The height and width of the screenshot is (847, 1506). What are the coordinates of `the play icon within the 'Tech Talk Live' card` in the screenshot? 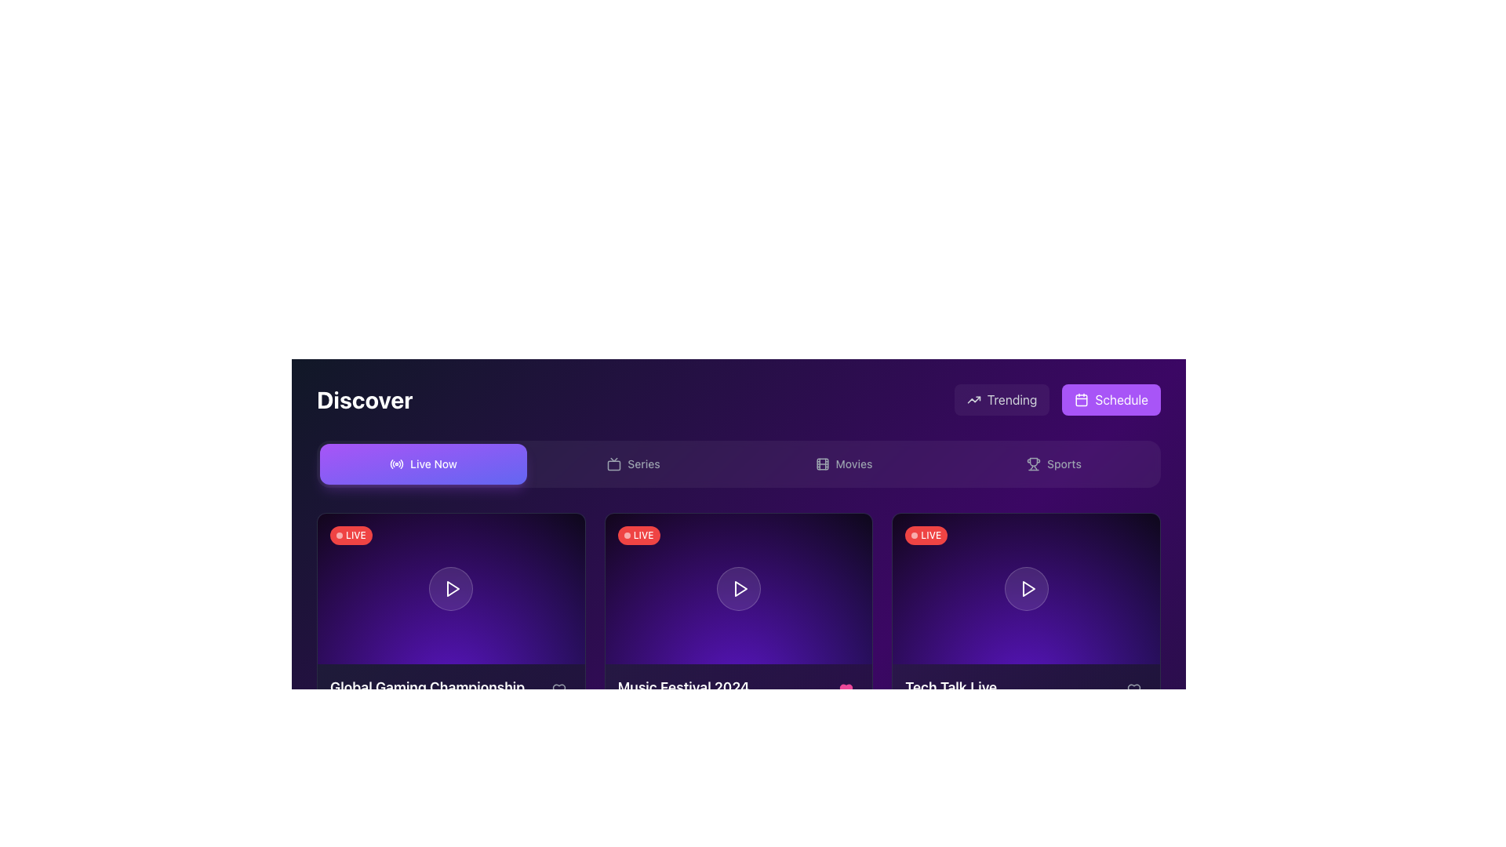 It's located at (1028, 588).